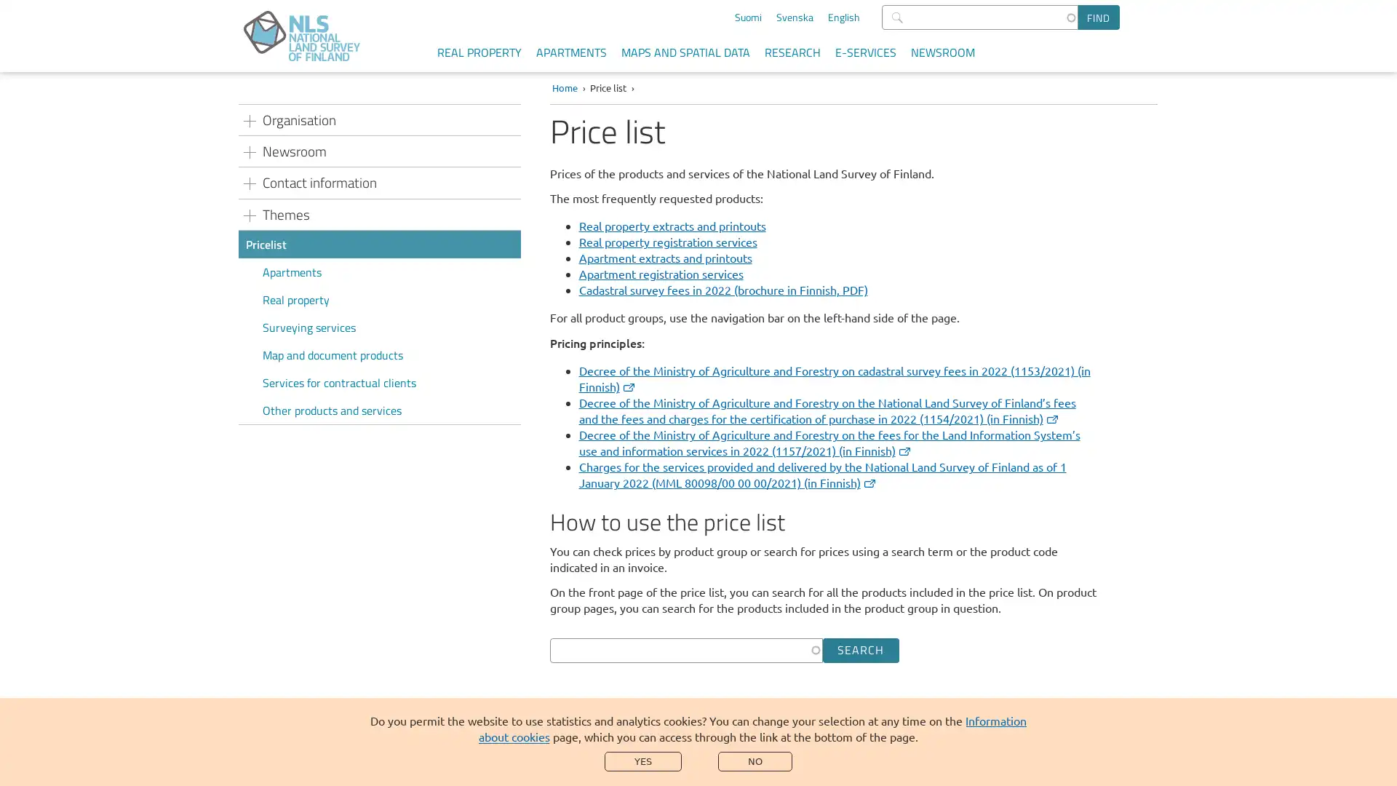 The width and height of the screenshot is (1397, 786). What do you see at coordinates (642, 761) in the screenshot?
I see `YES` at bounding box center [642, 761].